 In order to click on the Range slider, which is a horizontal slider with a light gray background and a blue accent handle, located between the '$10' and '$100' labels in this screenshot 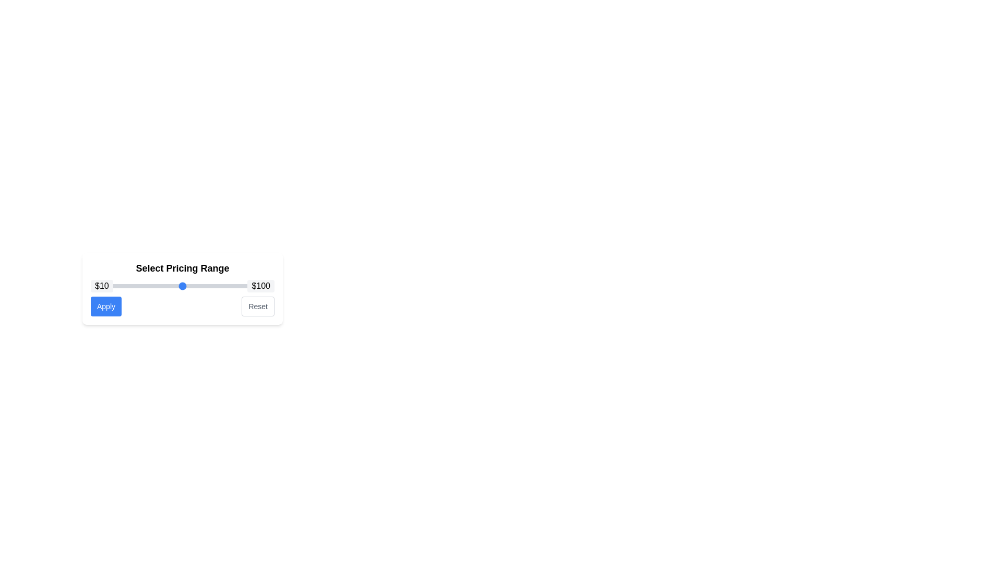, I will do `click(183, 286)`.